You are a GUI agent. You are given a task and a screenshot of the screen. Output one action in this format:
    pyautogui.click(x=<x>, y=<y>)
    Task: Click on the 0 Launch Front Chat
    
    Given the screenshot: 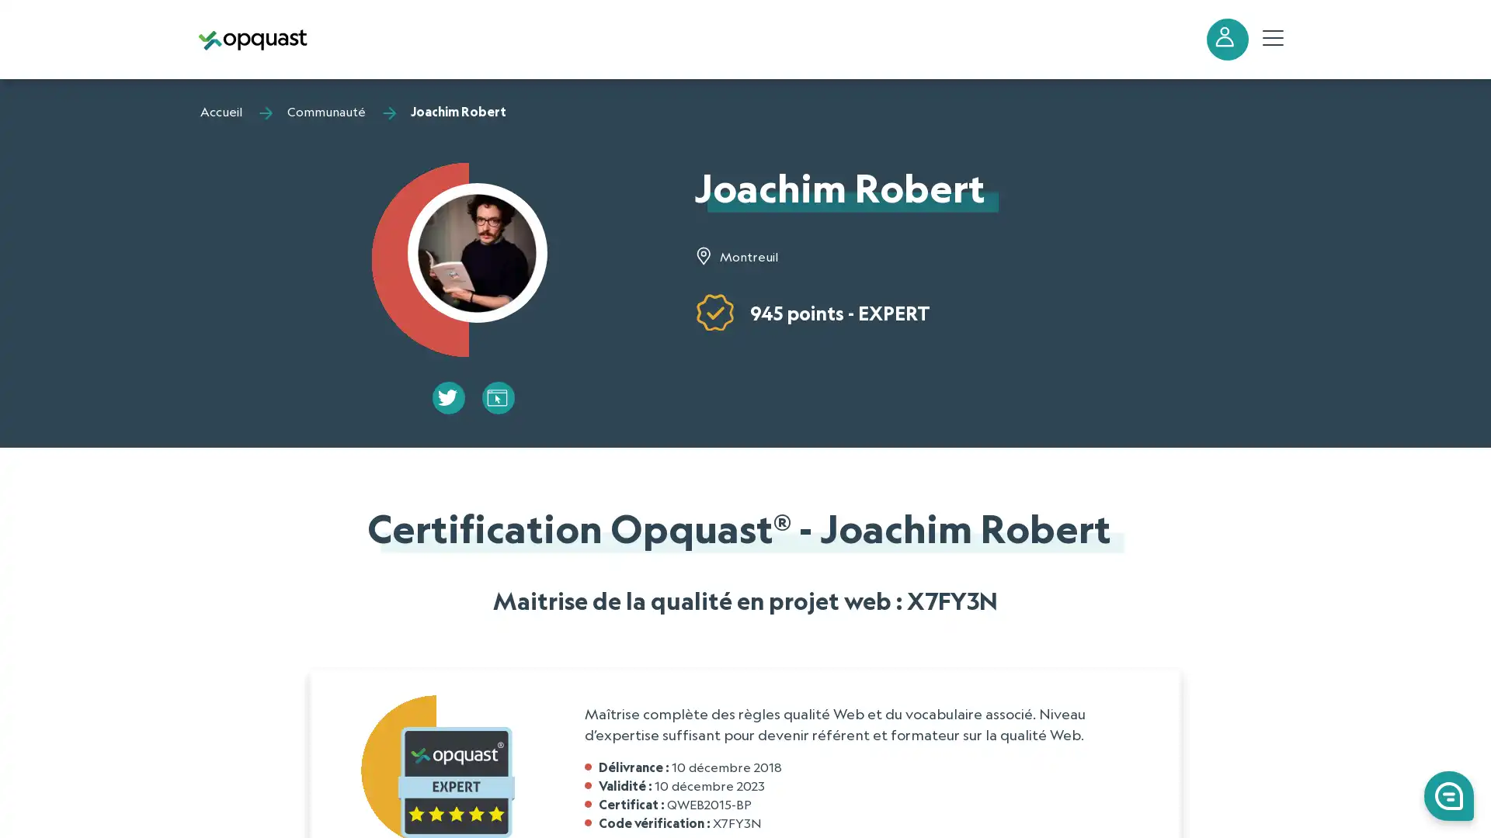 What is the action you would take?
    pyautogui.click(x=1448, y=796)
    